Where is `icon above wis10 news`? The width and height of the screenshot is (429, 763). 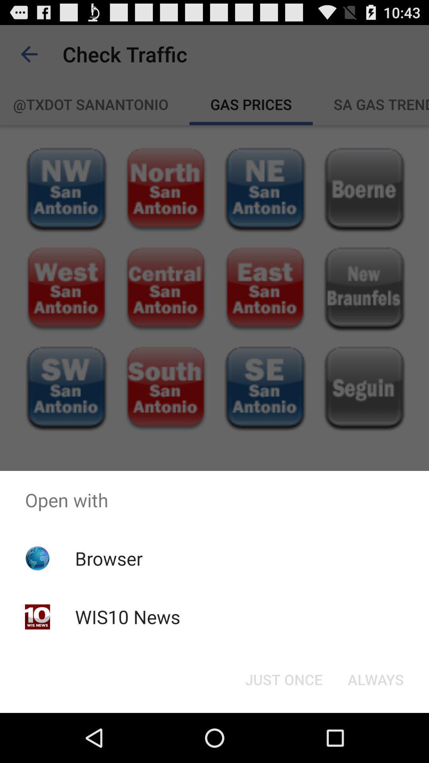 icon above wis10 news is located at coordinates (109, 558).